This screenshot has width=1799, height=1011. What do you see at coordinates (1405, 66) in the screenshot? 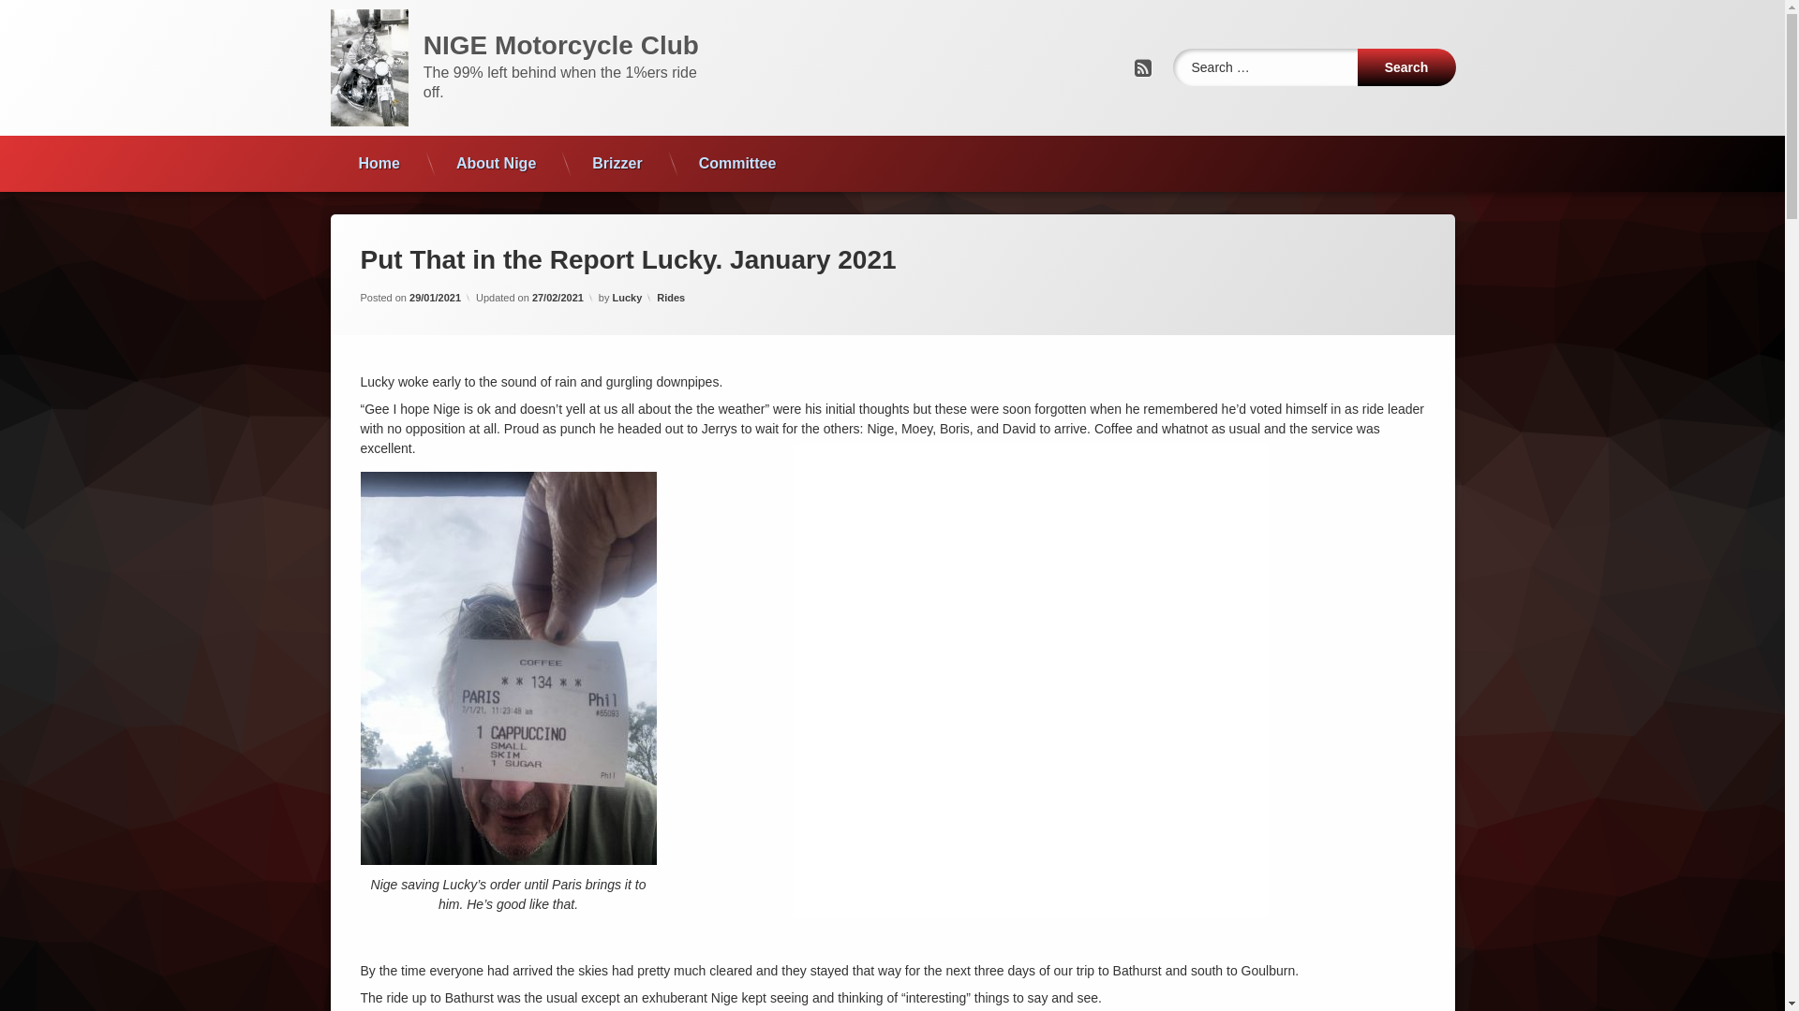
I see `'Search'` at bounding box center [1405, 66].